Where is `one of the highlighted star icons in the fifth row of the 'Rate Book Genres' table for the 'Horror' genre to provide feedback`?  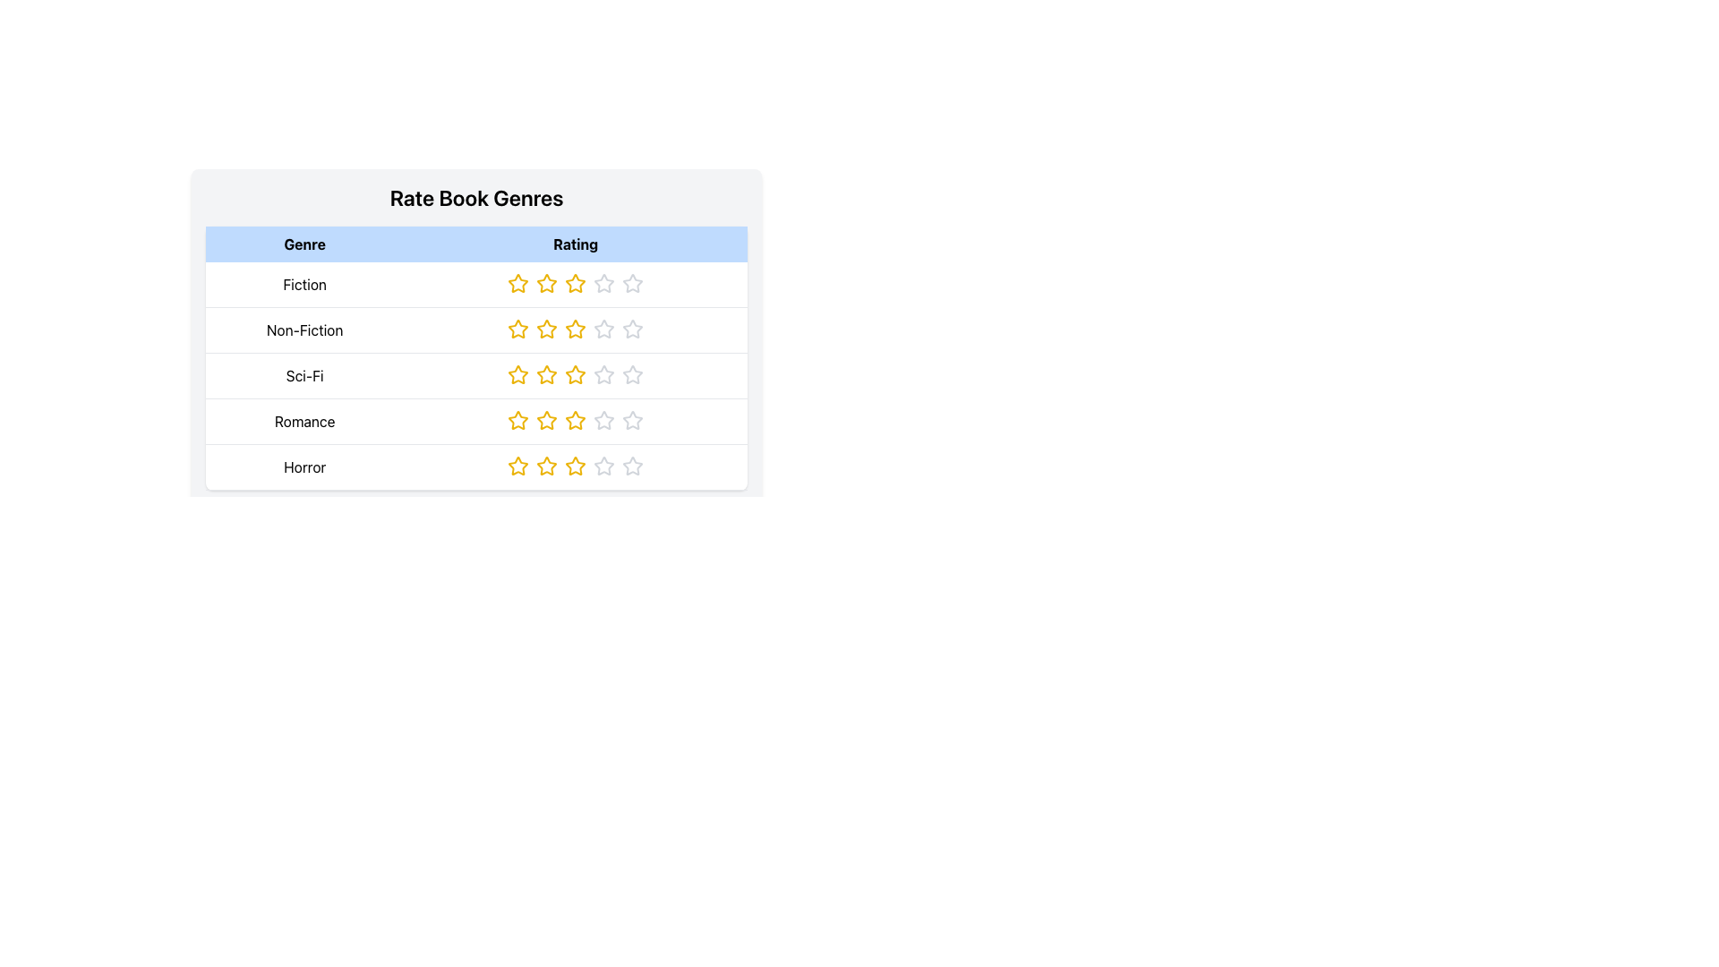 one of the highlighted star icons in the fifth row of the 'Rate Book Genres' table for the 'Horror' genre to provide feedback is located at coordinates (476, 466).